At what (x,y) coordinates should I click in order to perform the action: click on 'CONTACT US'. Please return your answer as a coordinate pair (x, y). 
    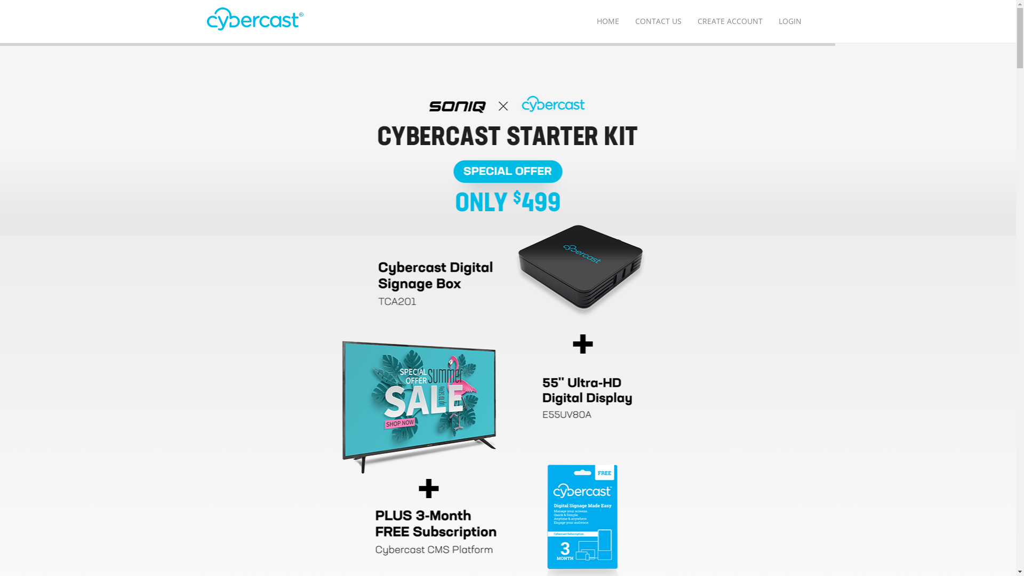
    Looking at the image, I should click on (658, 21).